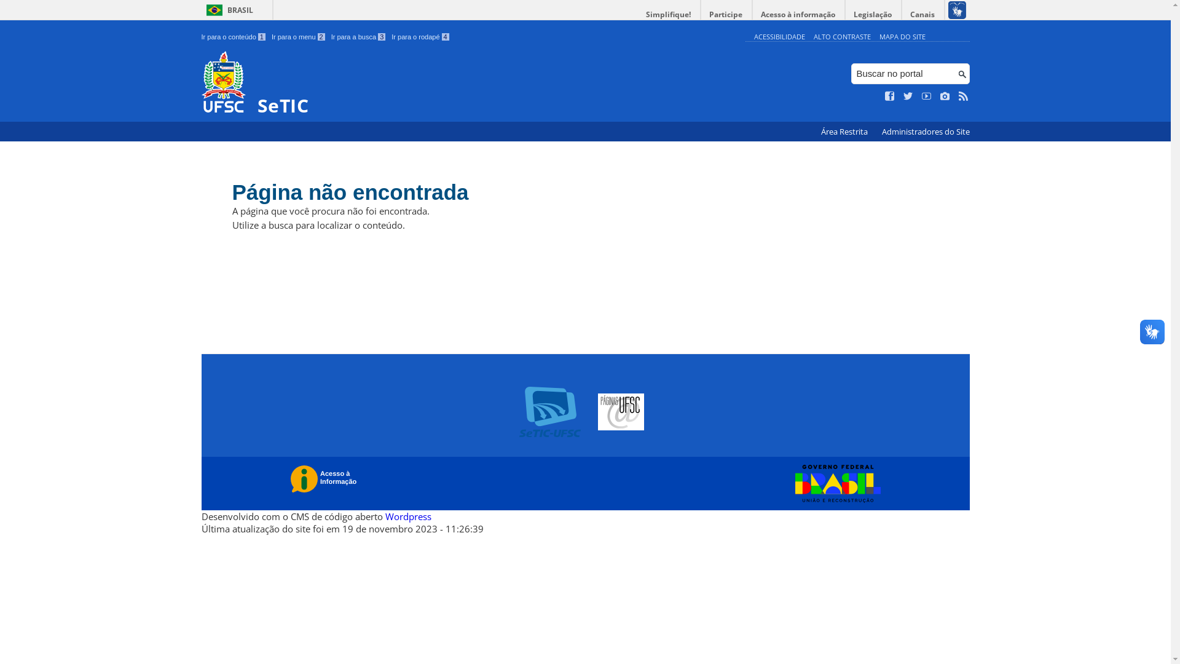 Image resolution: width=1180 pixels, height=664 pixels. What do you see at coordinates (358, 36) in the screenshot?
I see `'Ir para a busca 3'` at bounding box center [358, 36].